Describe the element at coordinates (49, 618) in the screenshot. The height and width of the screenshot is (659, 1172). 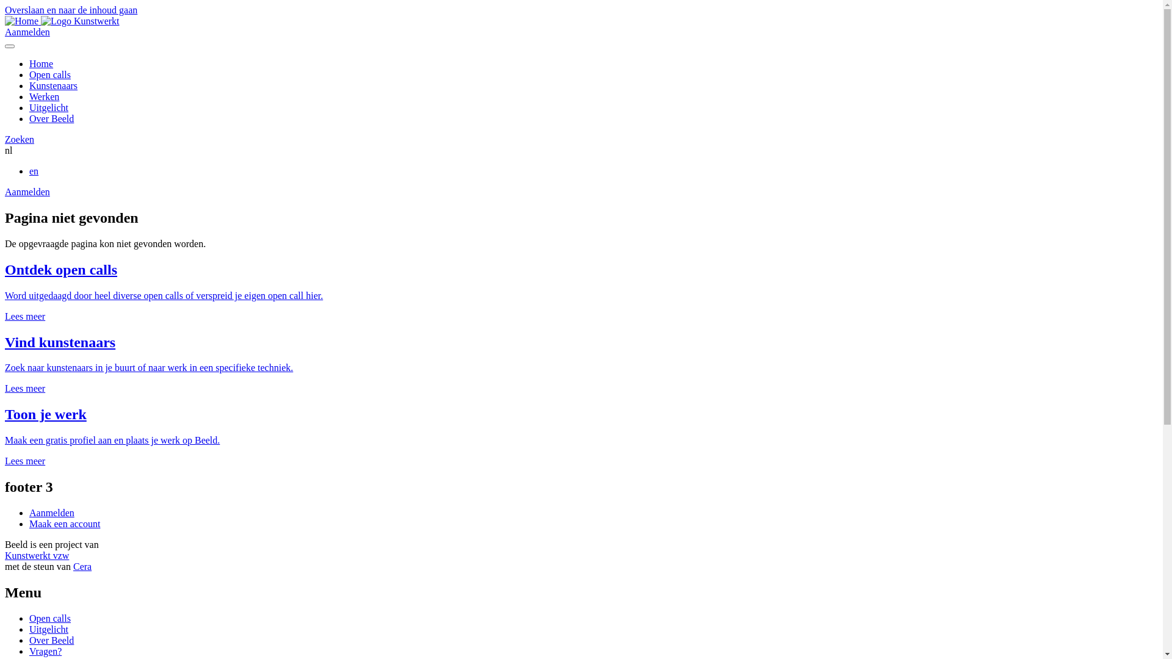
I see `'Open calls'` at that location.